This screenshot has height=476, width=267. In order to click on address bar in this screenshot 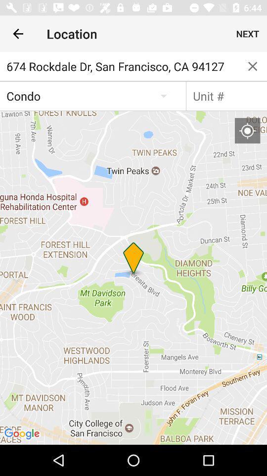, I will do `click(226, 96)`.